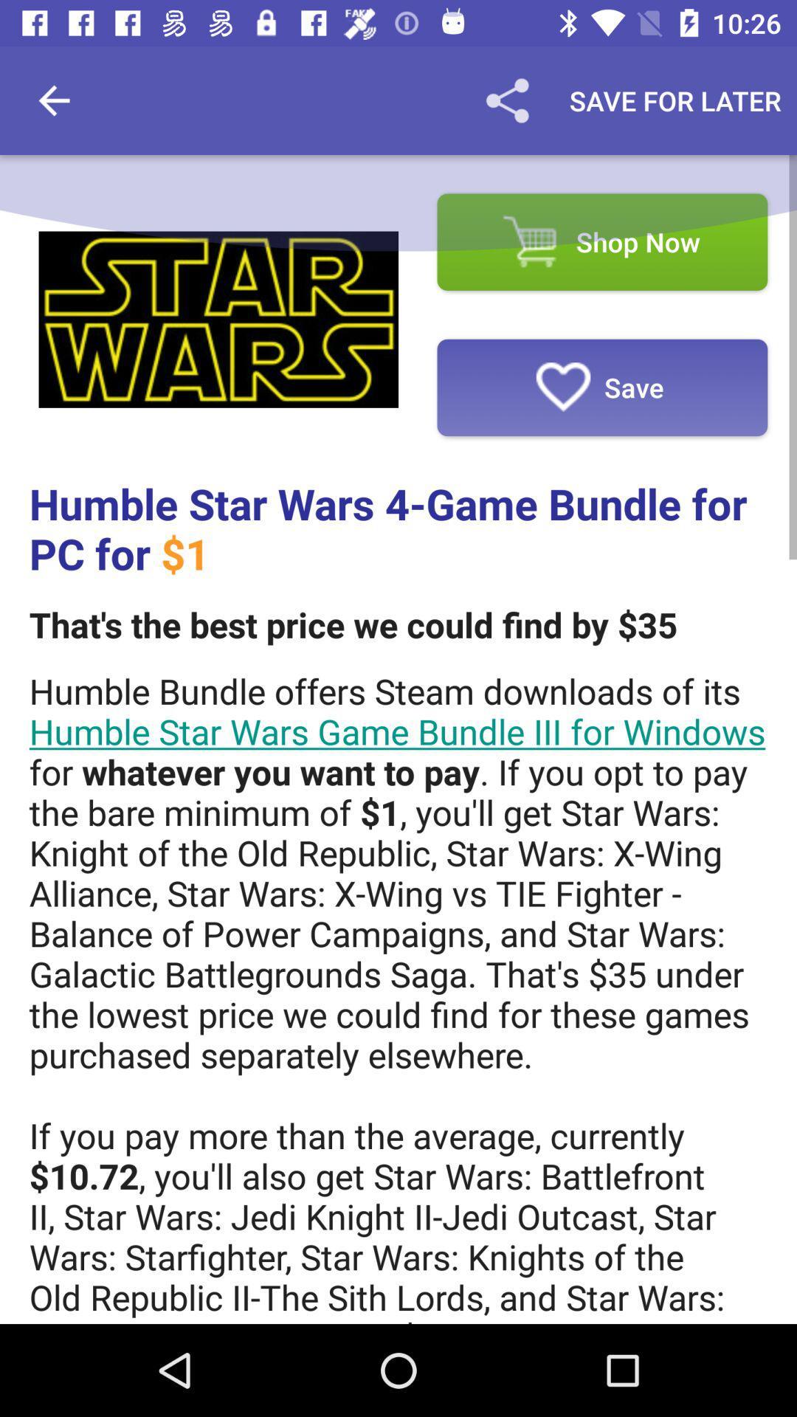 This screenshot has width=797, height=1417. I want to click on the item above shop now, so click(506, 100).